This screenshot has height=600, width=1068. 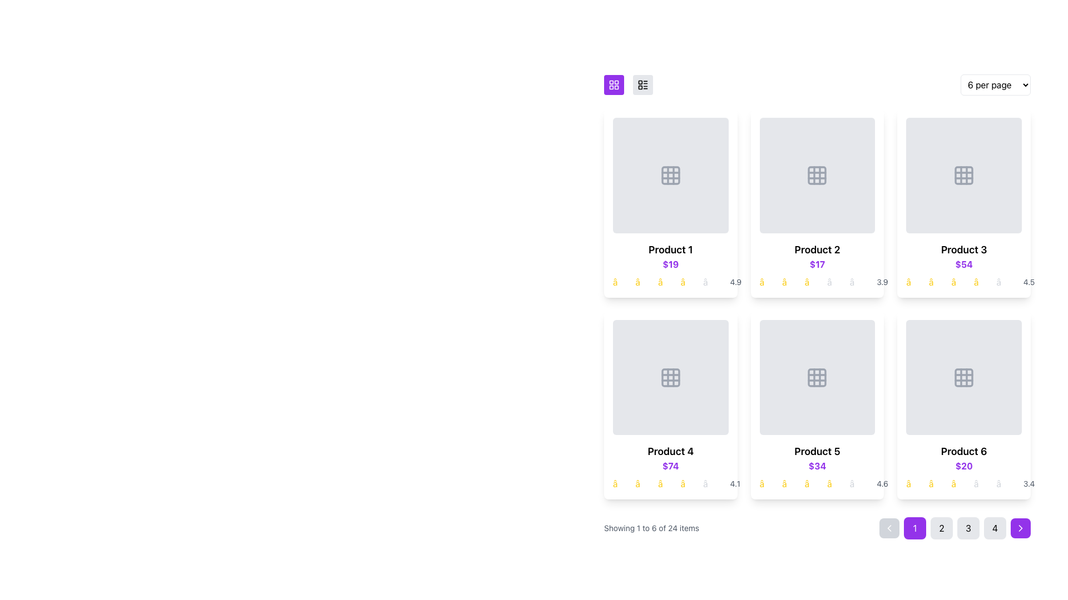 What do you see at coordinates (963, 405) in the screenshot?
I see `the product card located in the second row and third column of the product grid, which displays product details like name, price, and rating` at bounding box center [963, 405].